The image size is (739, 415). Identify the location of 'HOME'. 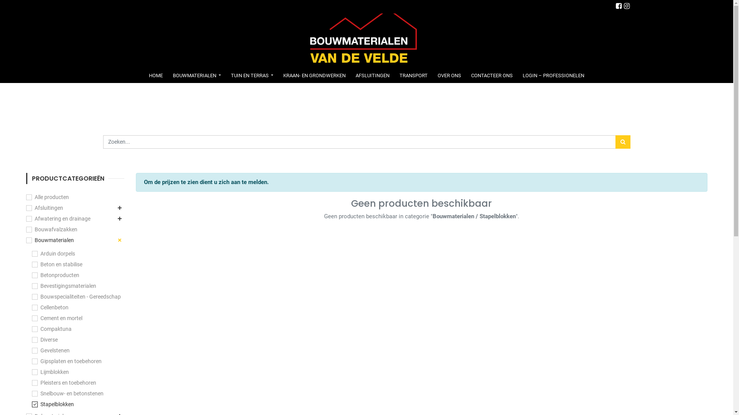
(155, 75).